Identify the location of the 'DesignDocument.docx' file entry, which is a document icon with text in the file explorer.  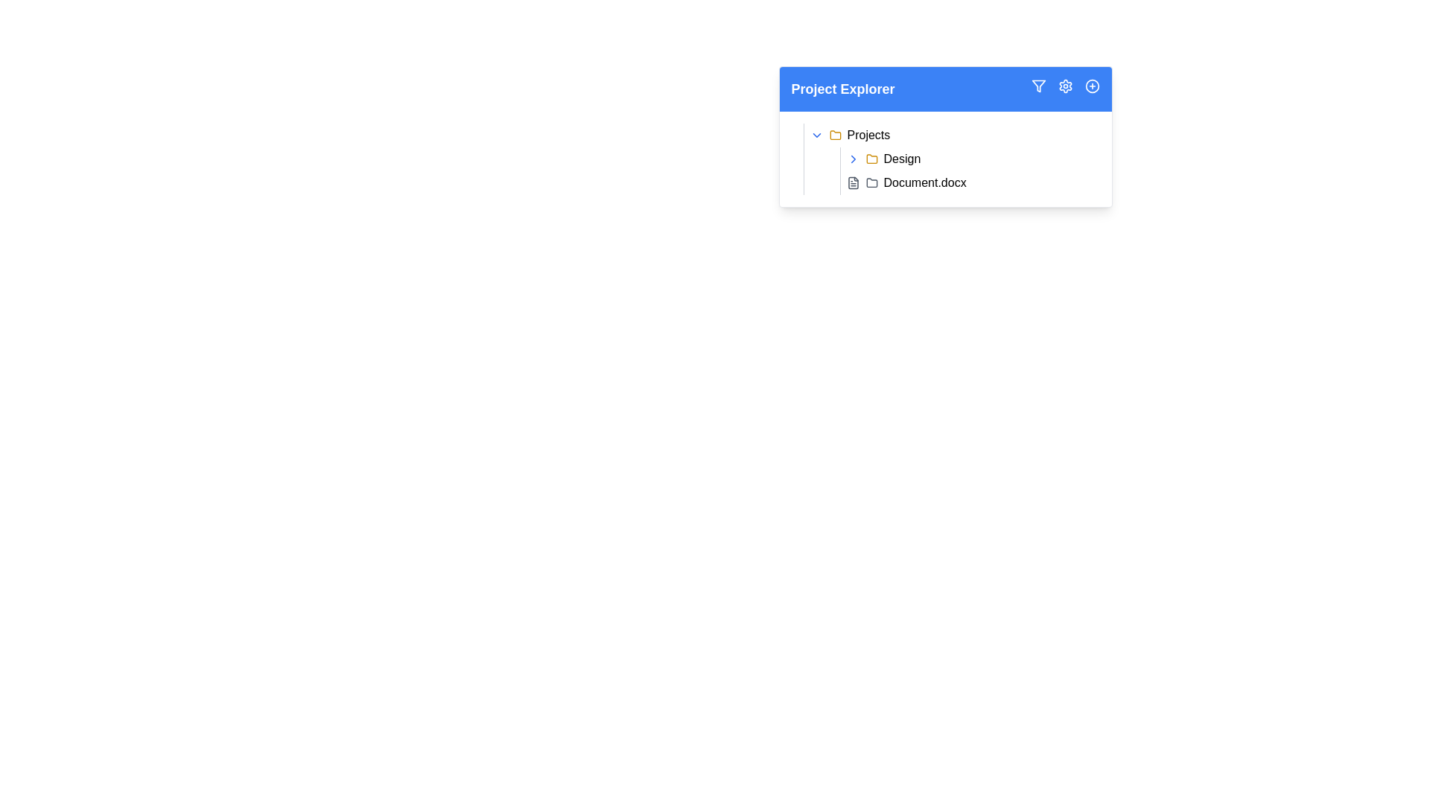
(958, 170).